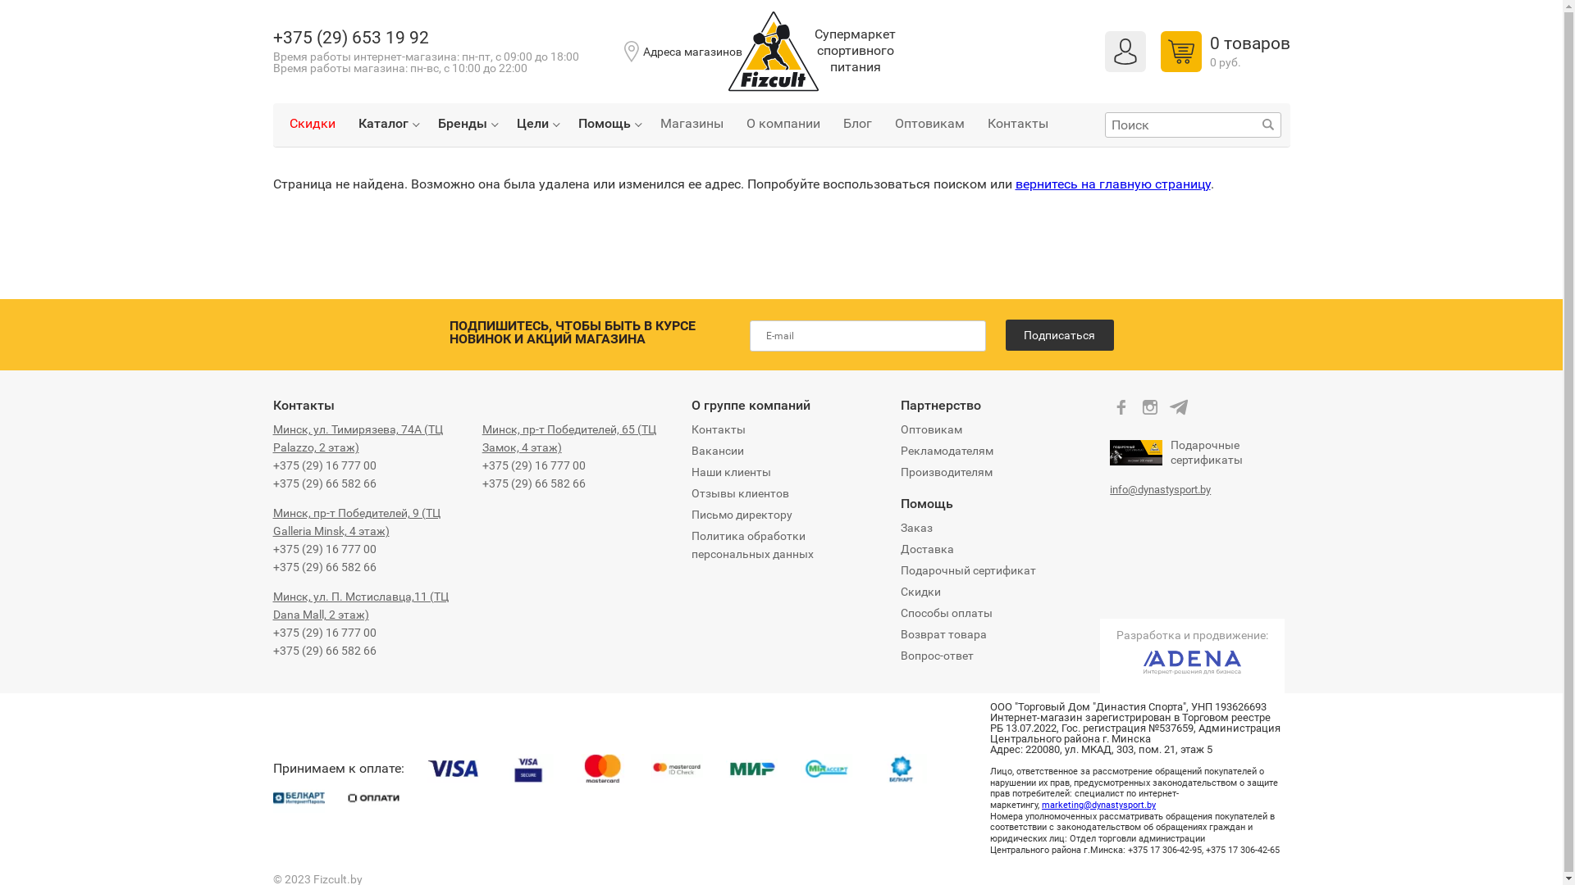  Describe the element at coordinates (272, 465) in the screenshot. I see `'+375 (29) 16 777 00'` at that location.